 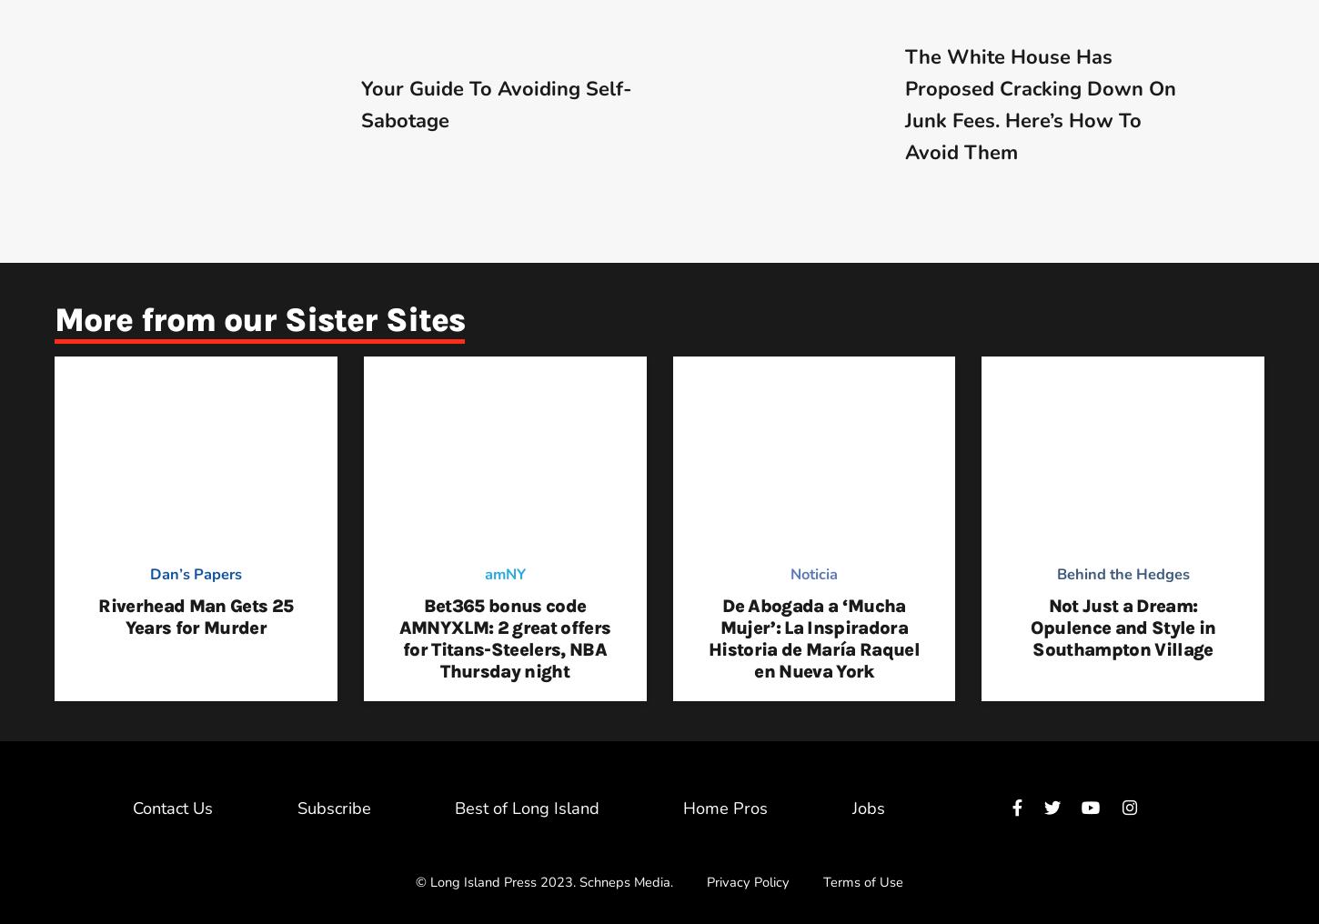 I want to click on 'Your Guide To Avoiding', so click(x=360, y=88).